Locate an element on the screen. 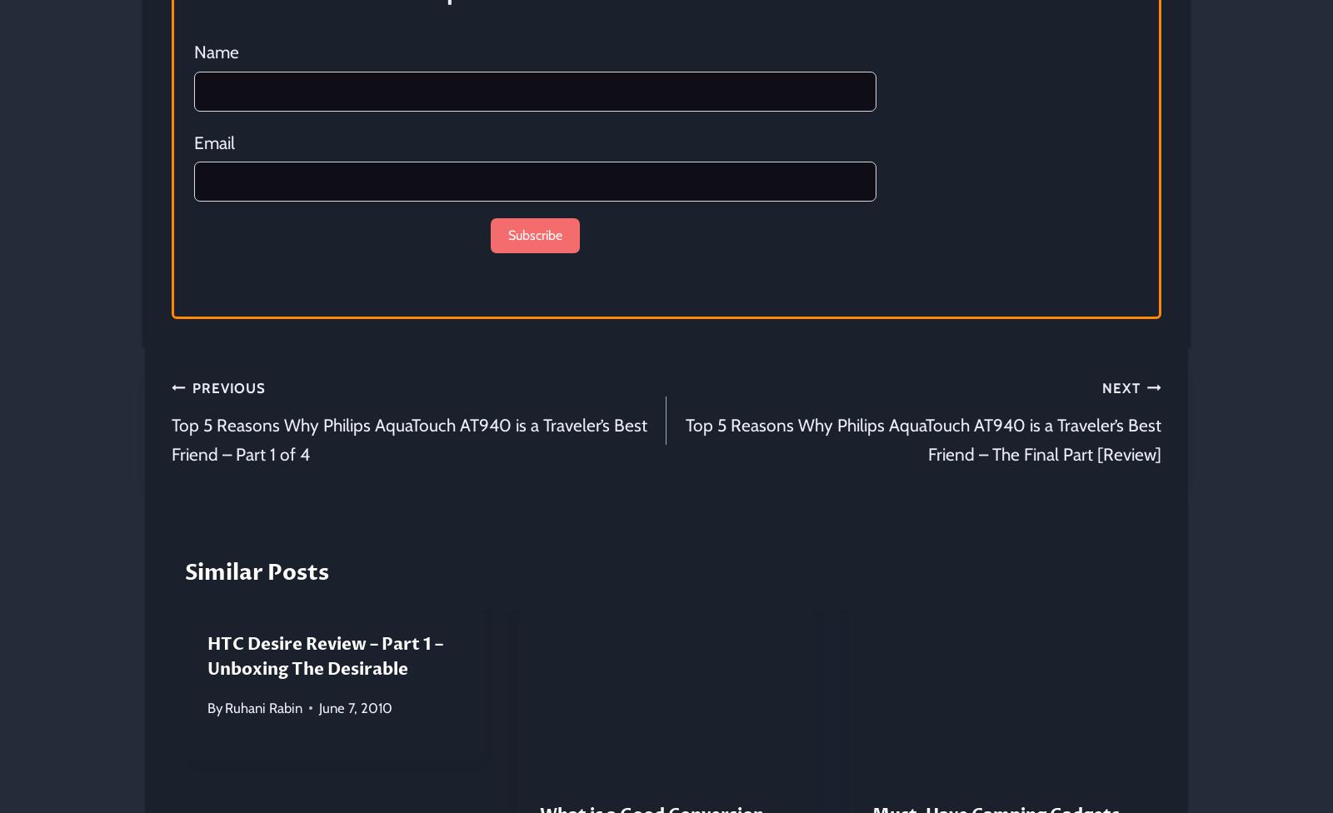 Image resolution: width=1333 pixels, height=813 pixels. 'Ruhani Rabin' is located at coordinates (263, 707).